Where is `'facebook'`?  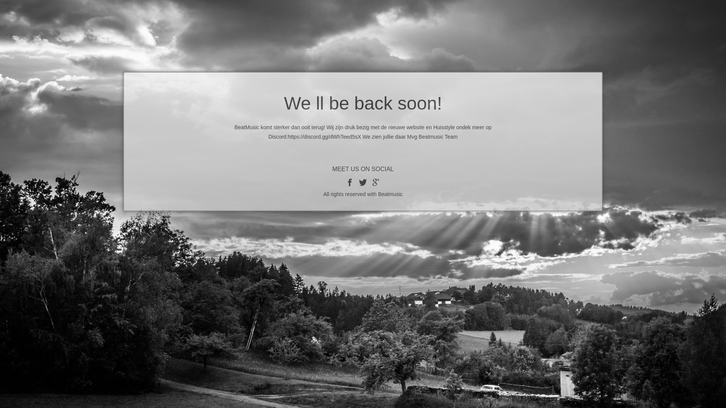
'facebook' is located at coordinates (363, 182).